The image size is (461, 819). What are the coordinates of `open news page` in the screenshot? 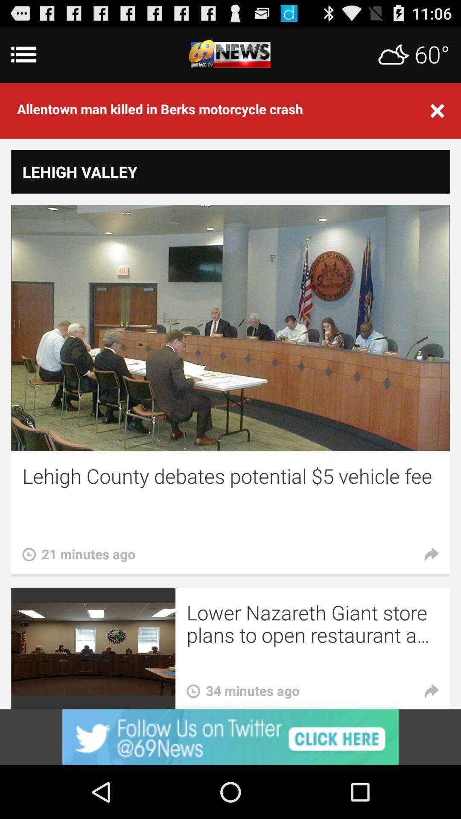 It's located at (230, 54).